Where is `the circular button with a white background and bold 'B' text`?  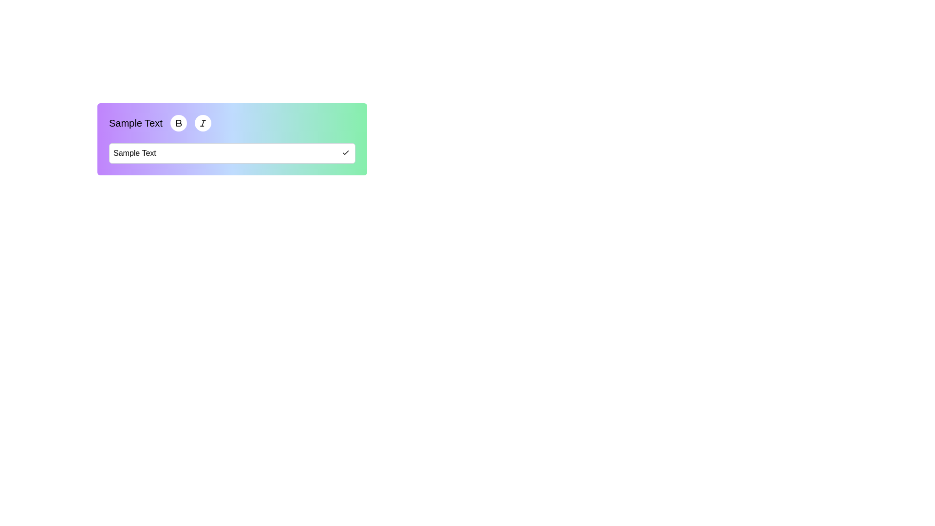
the circular button with a white background and bold 'B' text is located at coordinates (178, 123).